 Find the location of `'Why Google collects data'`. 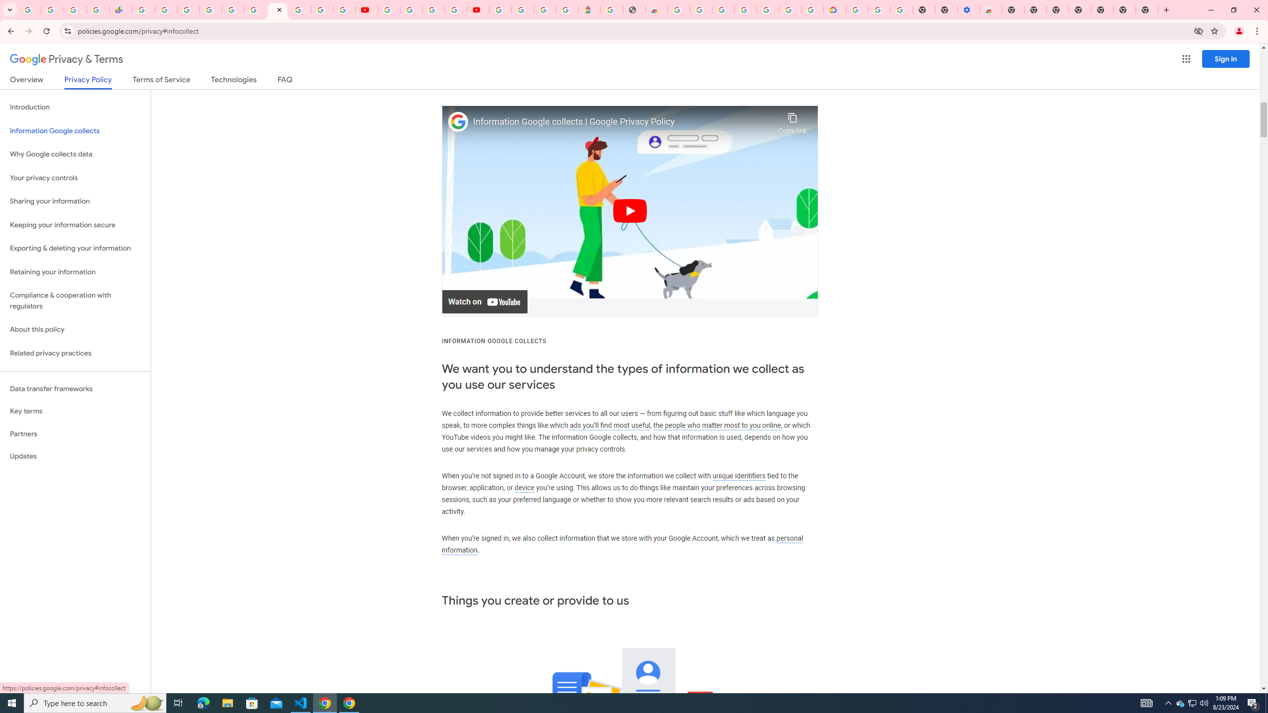

'Why Google collects data' is located at coordinates (75, 153).